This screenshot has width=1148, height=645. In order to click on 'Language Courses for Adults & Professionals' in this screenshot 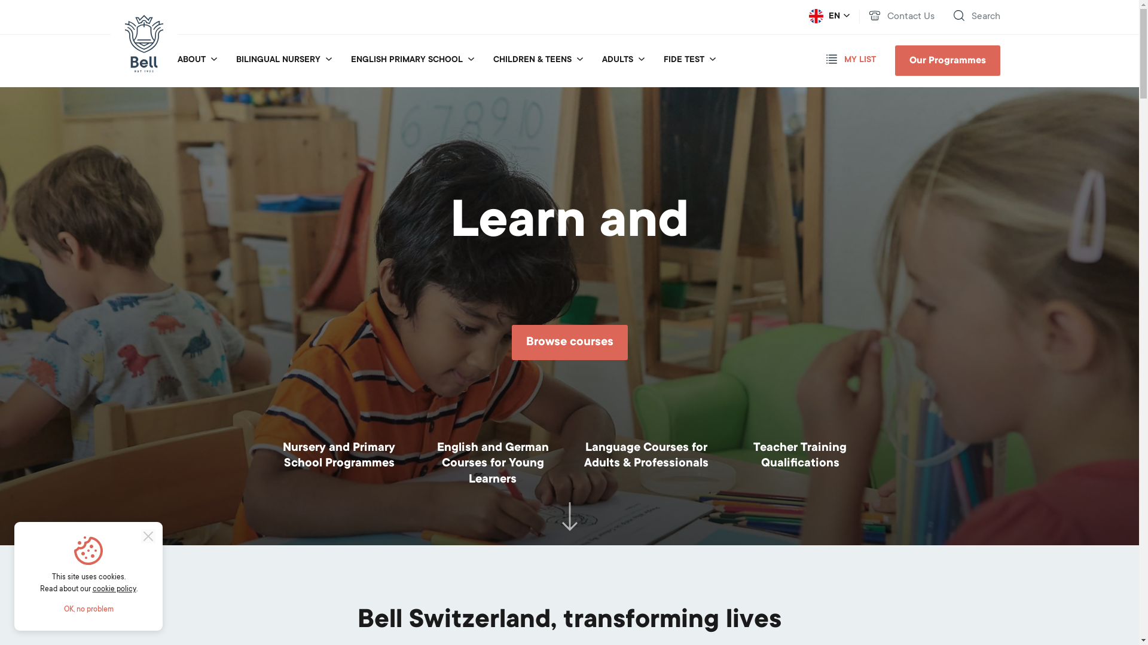, I will do `click(645, 456)`.